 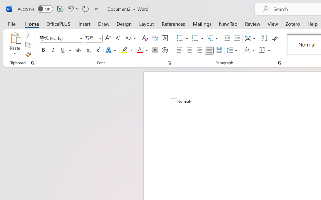 I want to click on 'Bullets', so click(x=180, y=38).